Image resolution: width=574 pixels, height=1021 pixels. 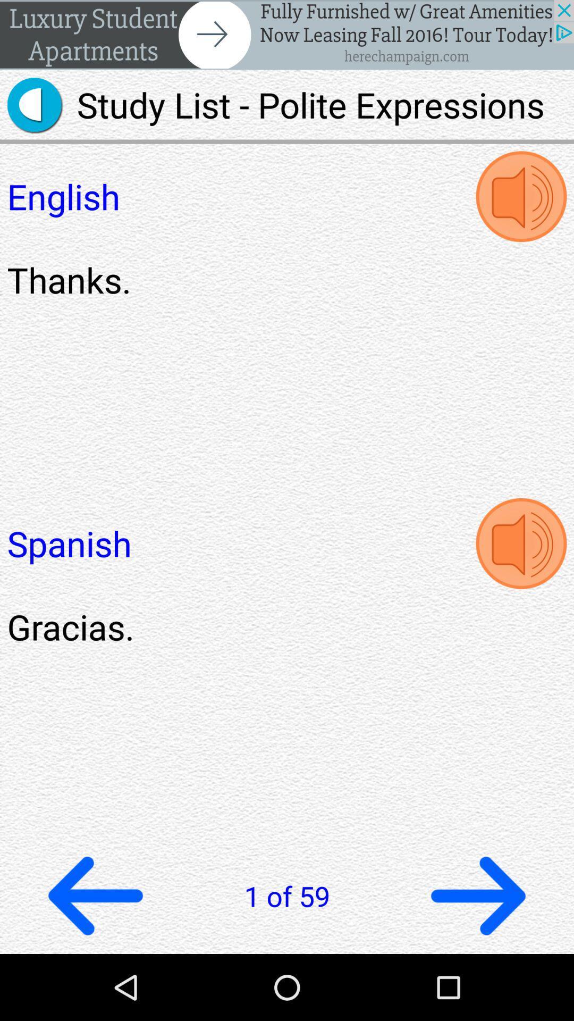 I want to click on the volume icon, so click(x=520, y=581).